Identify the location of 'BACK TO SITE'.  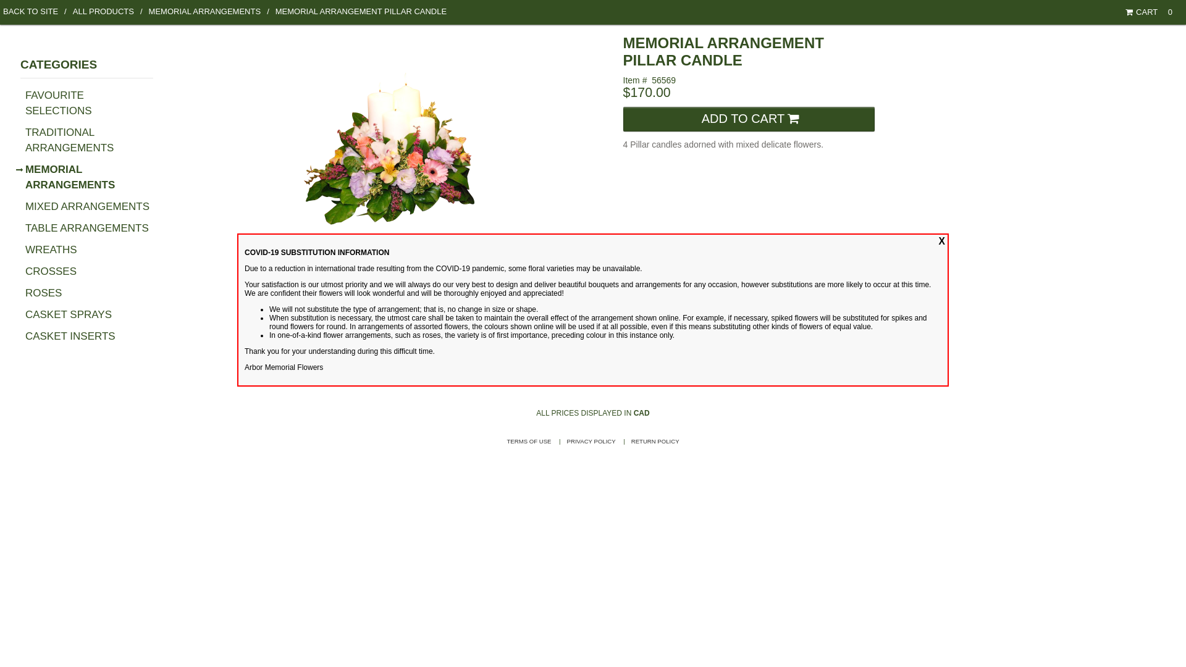
(35, 11).